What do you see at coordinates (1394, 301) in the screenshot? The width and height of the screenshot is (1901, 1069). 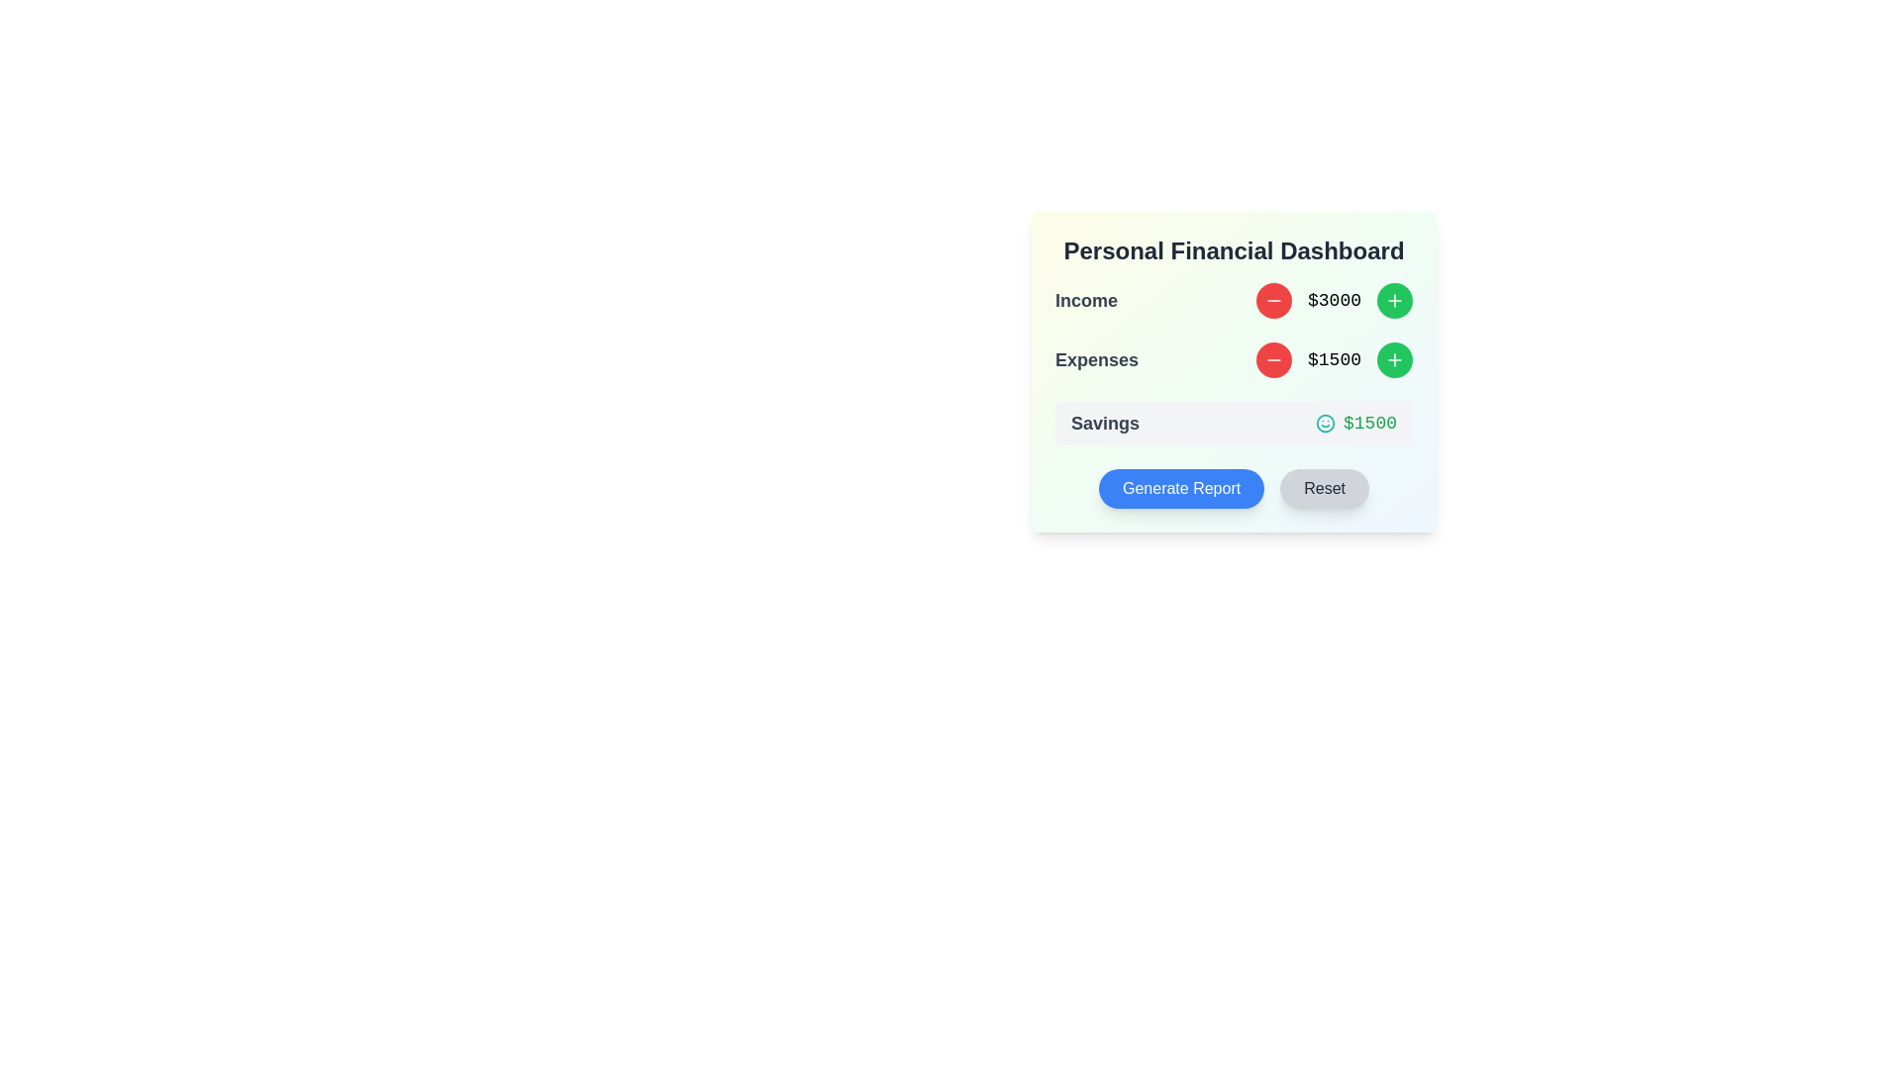 I see `the green circular button with a white plus sign, located to the right of the 'Expenses' label and aligned with the value $1500` at bounding box center [1394, 301].